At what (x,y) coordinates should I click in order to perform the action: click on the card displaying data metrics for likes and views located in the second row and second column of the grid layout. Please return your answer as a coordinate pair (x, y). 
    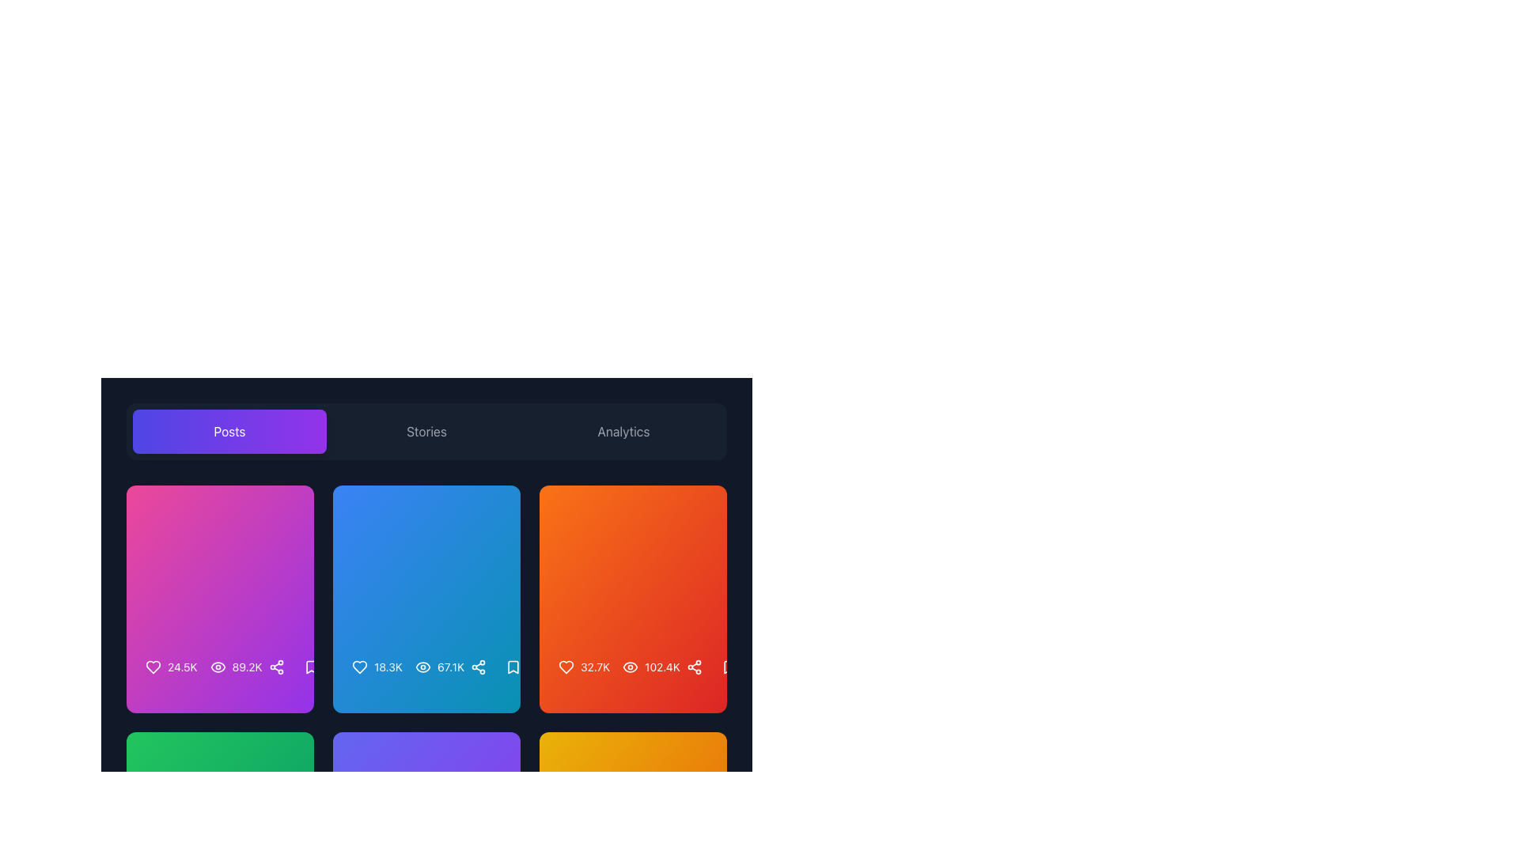
    Looking at the image, I should click on (426, 564).